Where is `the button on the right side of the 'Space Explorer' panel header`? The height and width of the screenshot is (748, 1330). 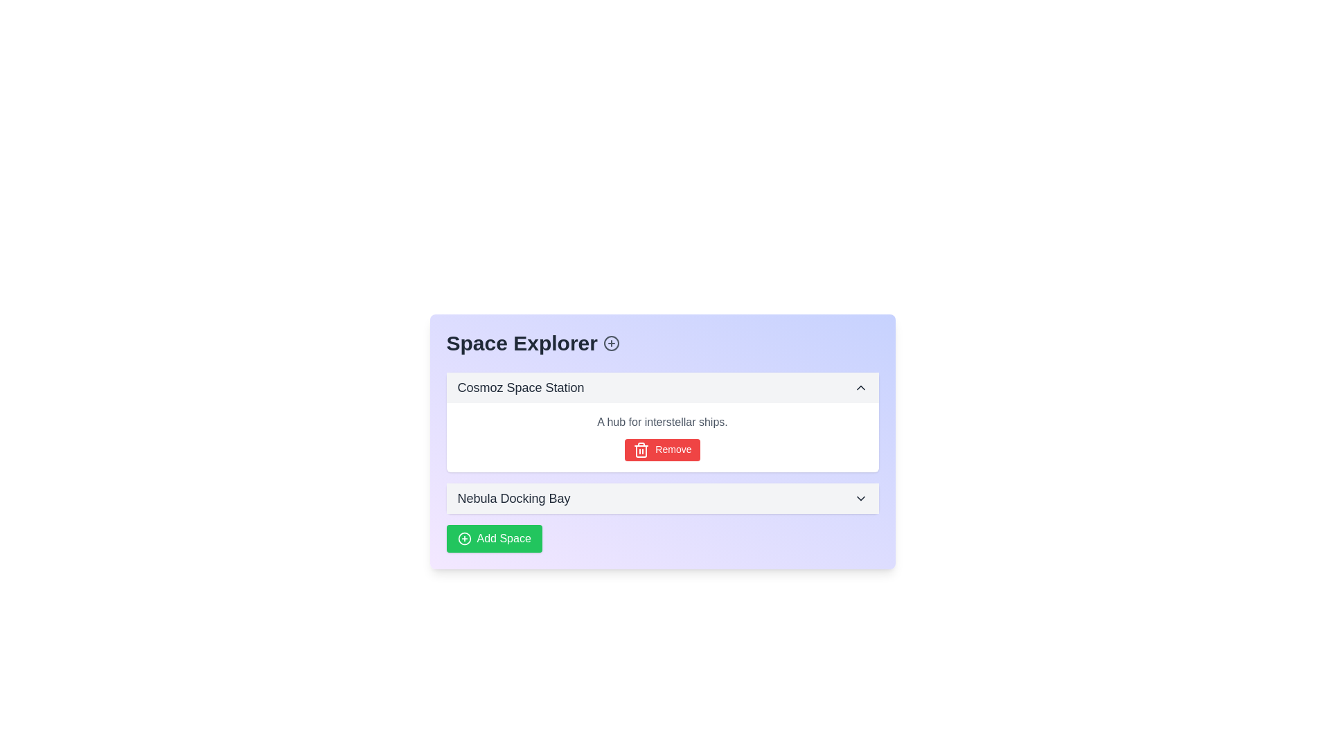 the button on the right side of the 'Space Explorer' panel header is located at coordinates (611, 343).